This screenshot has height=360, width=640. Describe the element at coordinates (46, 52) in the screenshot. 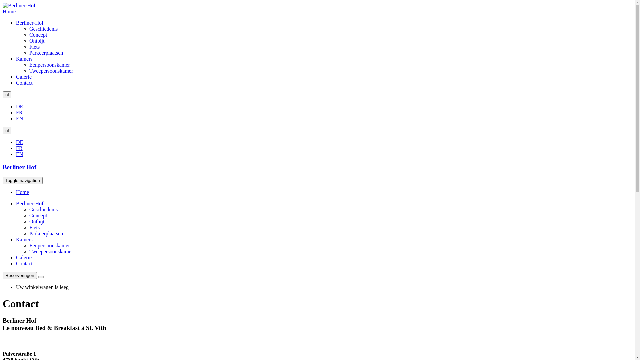

I see `'Parkeerplaatsen'` at that location.